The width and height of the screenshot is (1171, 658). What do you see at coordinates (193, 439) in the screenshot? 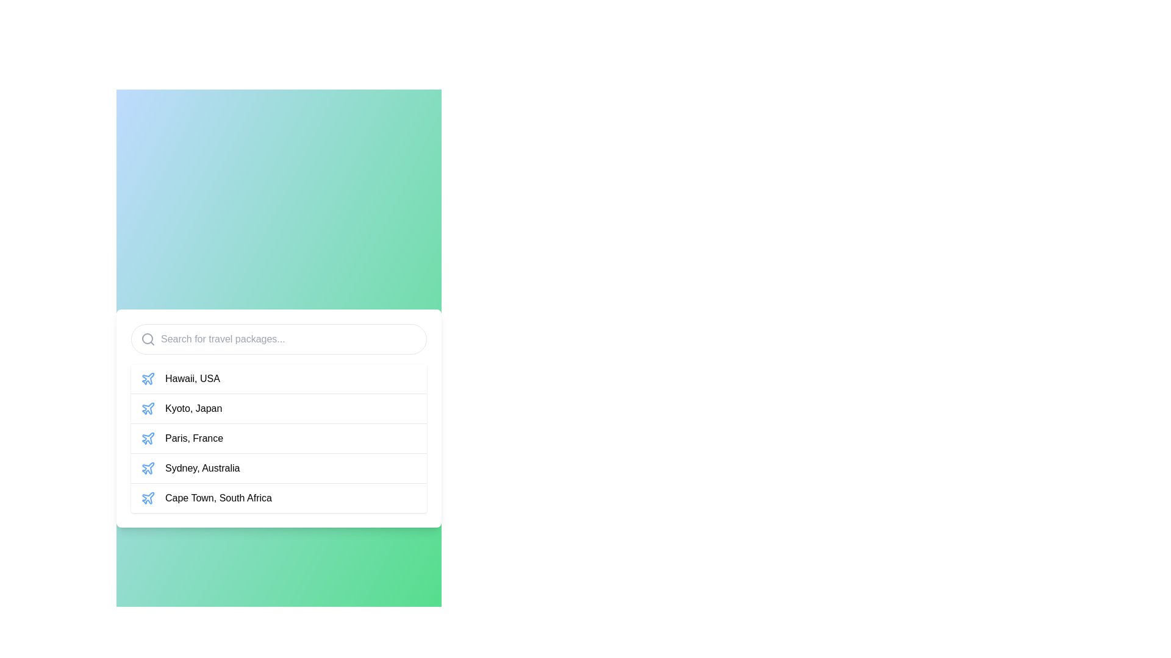
I see `the Text label for the destination within the selectable list, which is the third entry in the dropdown panel` at bounding box center [193, 439].